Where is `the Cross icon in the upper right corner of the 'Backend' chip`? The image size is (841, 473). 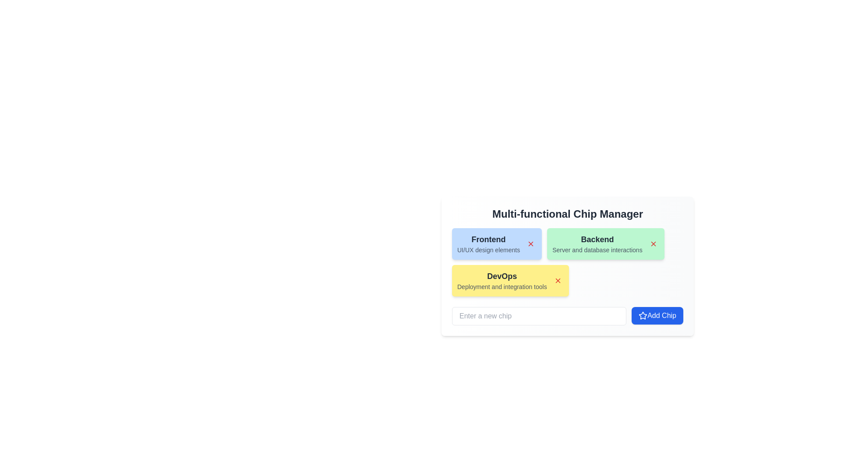 the Cross icon in the upper right corner of the 'Backend' chip is located at coordinates (653, 244).